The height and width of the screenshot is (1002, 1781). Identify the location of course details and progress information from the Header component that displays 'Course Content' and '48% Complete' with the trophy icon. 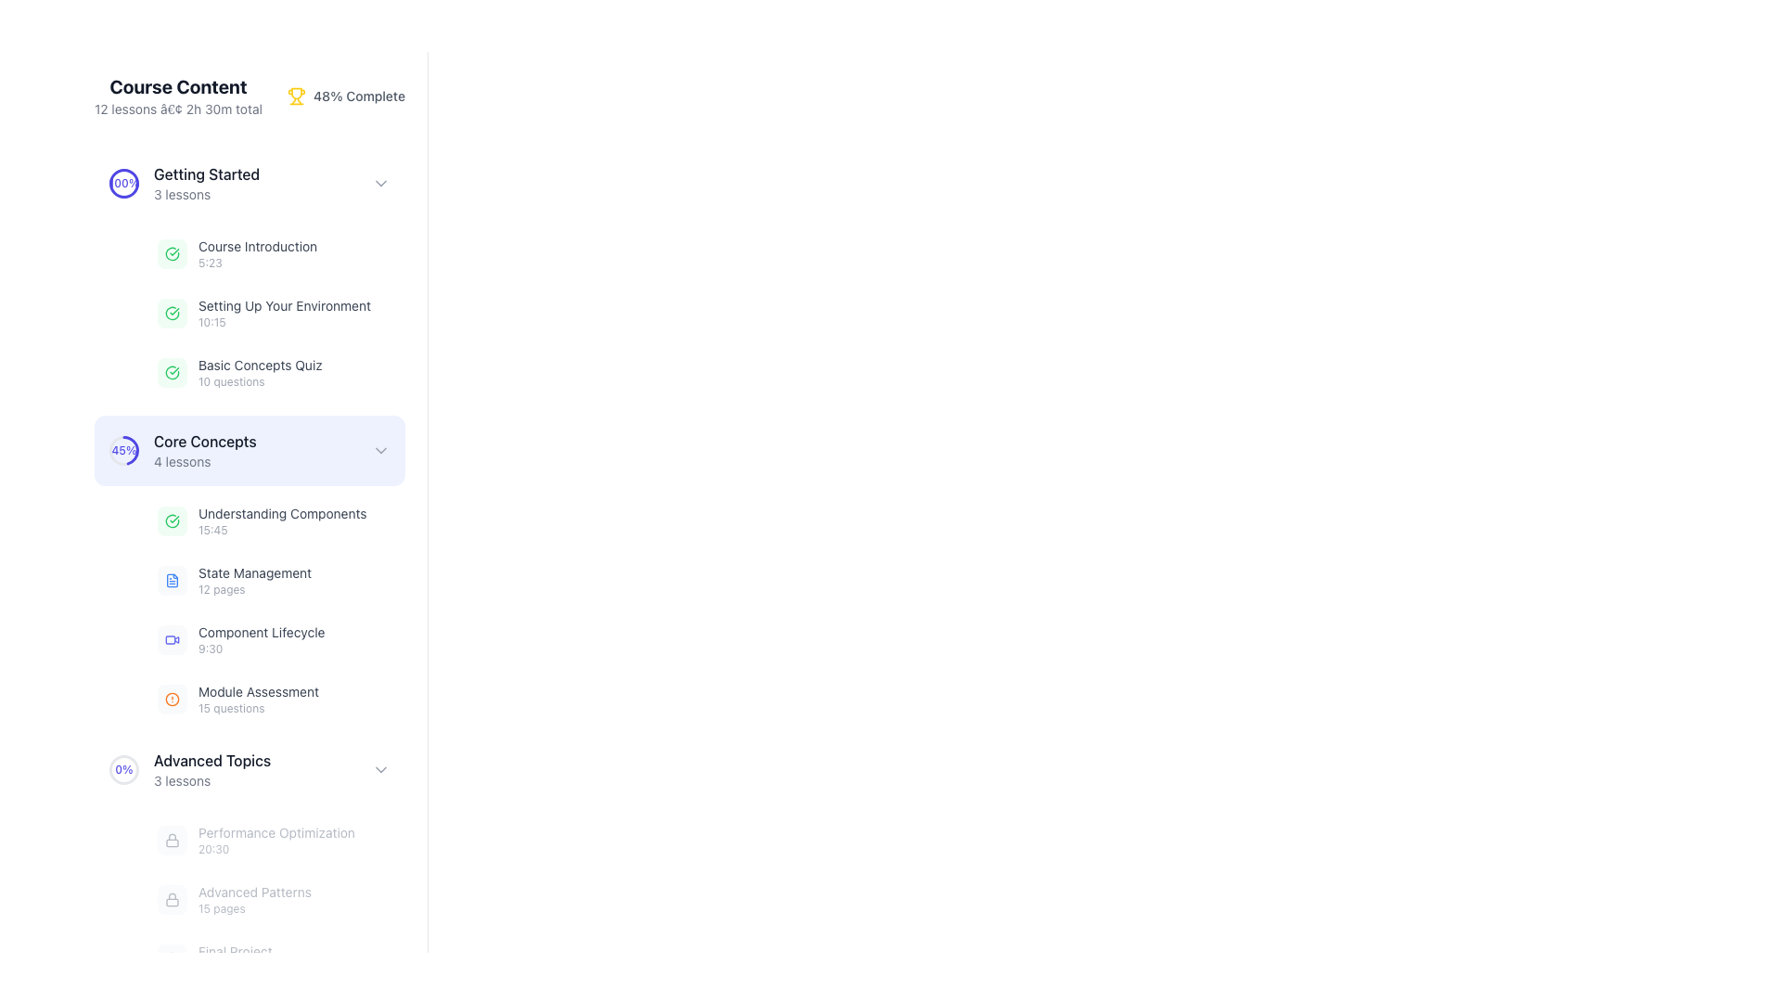
(249, 96).